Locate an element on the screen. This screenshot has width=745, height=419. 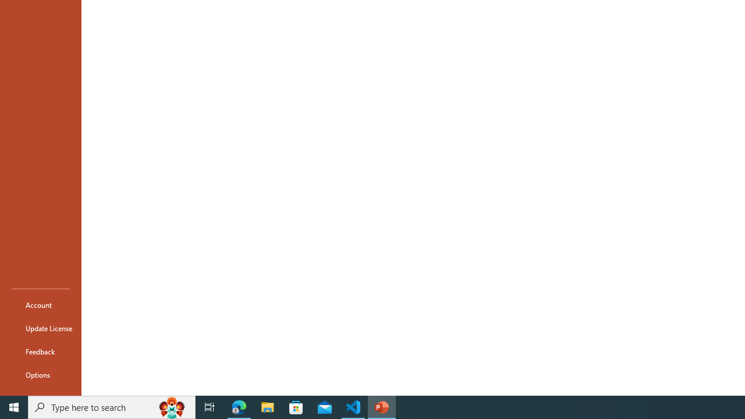
'Options' is located at coordinates (40, 375).